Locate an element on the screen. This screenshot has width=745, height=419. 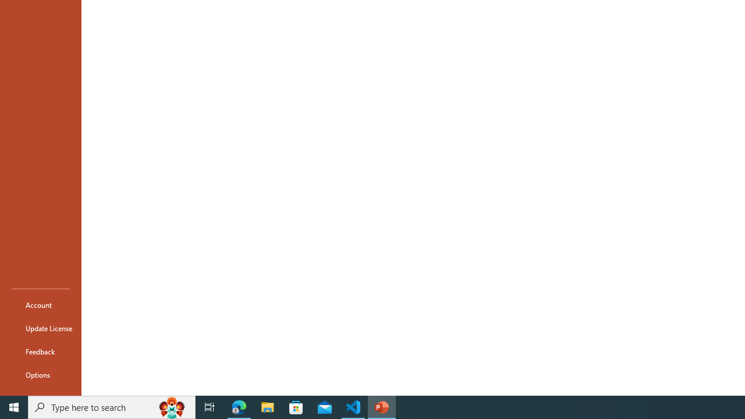
'Options' is located at coordinates (40, 375).